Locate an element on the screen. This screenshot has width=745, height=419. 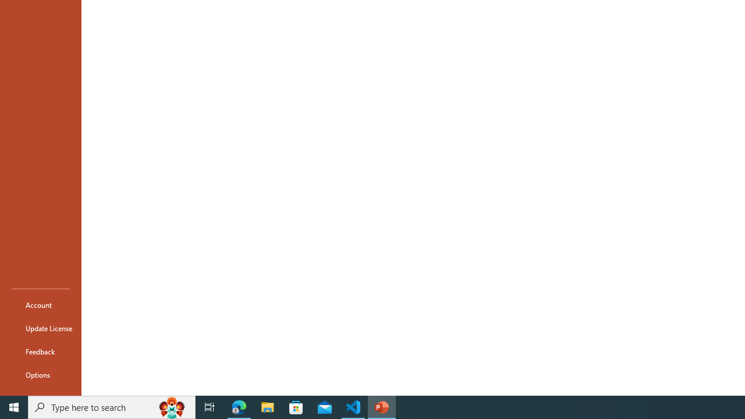
'Options' is located at coordinates (40, 375).